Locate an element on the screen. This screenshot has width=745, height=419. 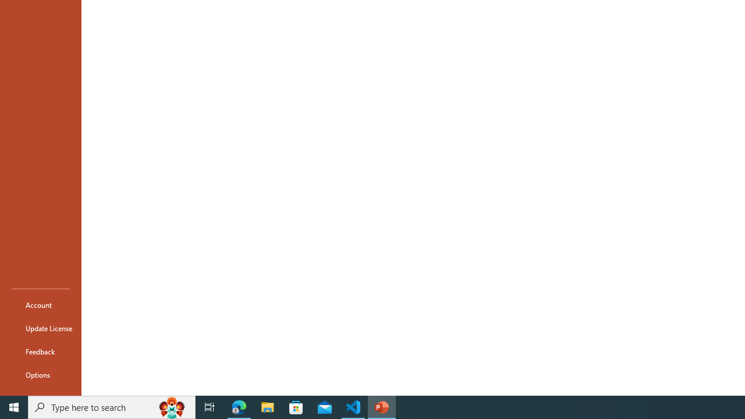
'Options' is located at coordinates (40, 375).